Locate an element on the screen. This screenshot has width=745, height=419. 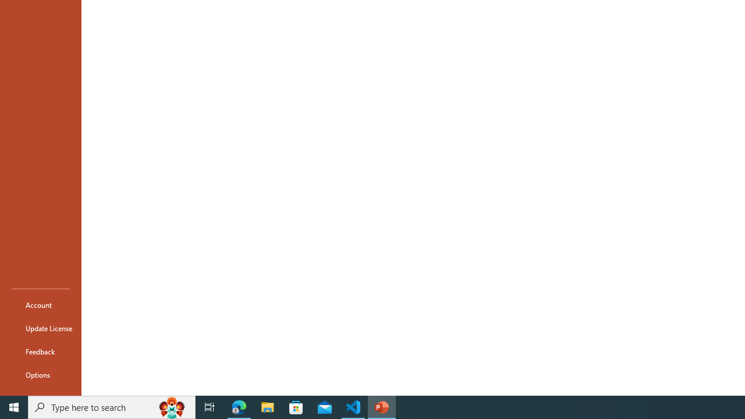
'Options' is located at coordinates (40, 375).